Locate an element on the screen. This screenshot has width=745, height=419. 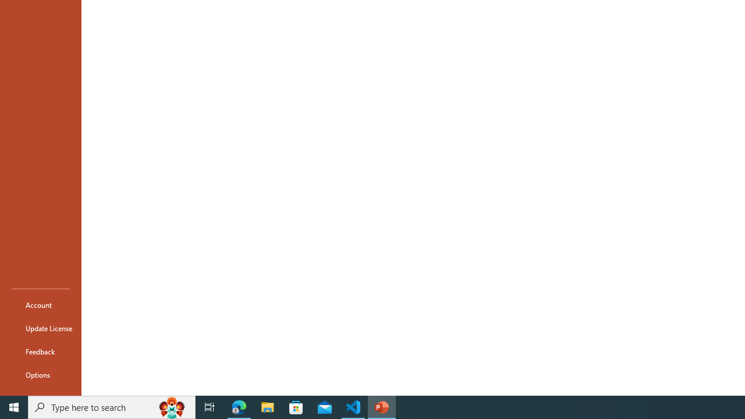
'Options' is located at coordinates (40, 375).